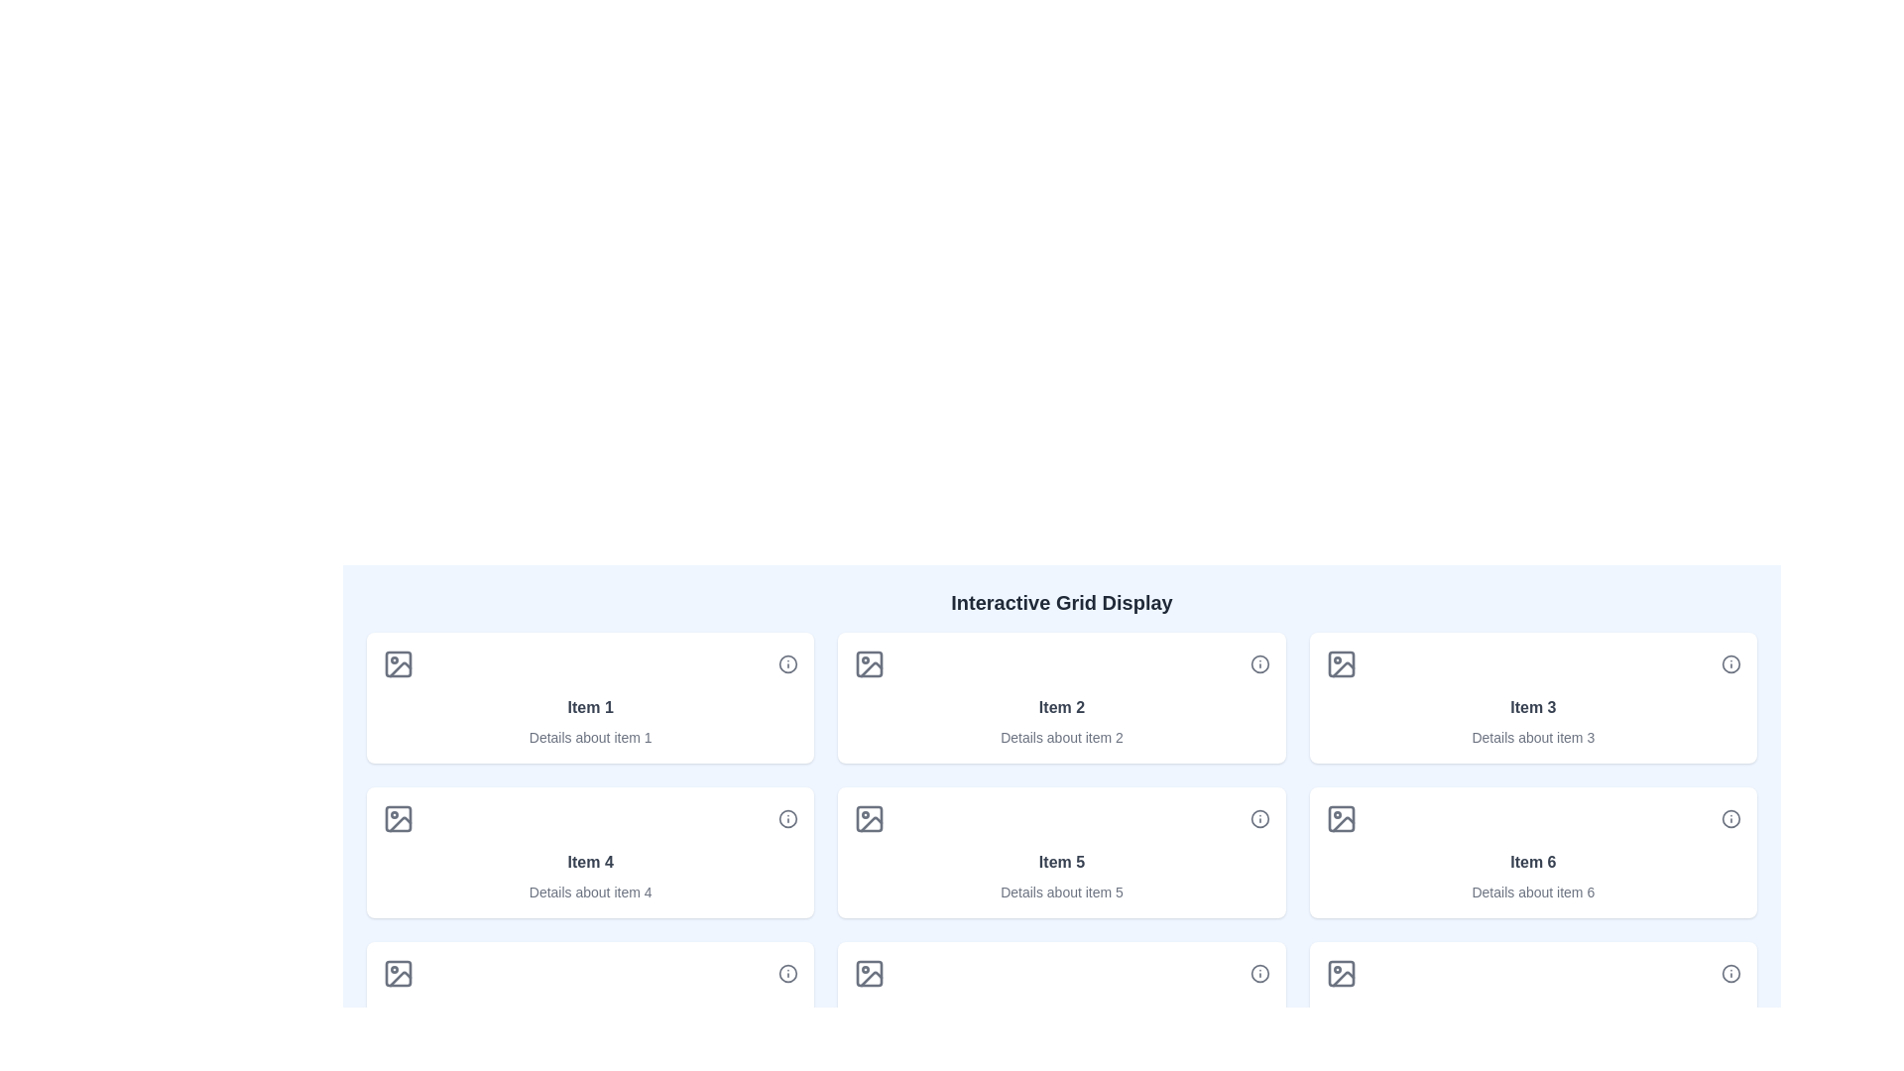 The width and height of the screenshot is (1904, 1071). I want to click on the presence of the circular boundary of the information icon located in the top-right corner of the card containing 'Item 2', so click(1258, 664).